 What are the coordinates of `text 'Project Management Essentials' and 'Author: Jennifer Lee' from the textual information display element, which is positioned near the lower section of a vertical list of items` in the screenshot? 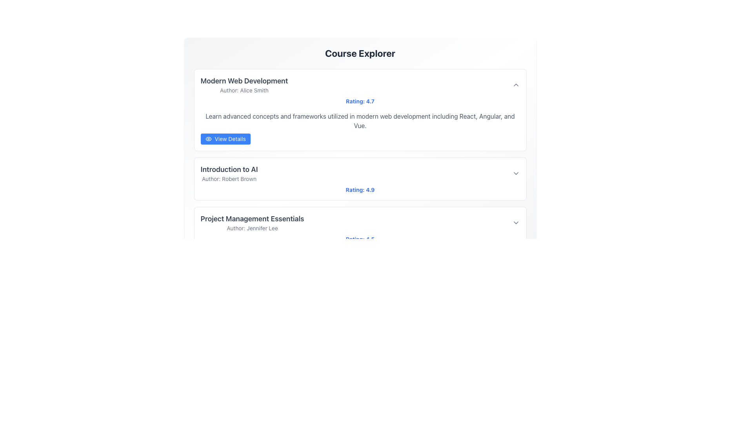 It's located at (252, 223).